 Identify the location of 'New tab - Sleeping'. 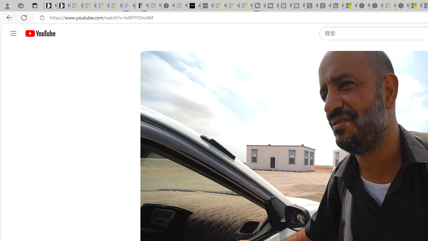
(181, 6).